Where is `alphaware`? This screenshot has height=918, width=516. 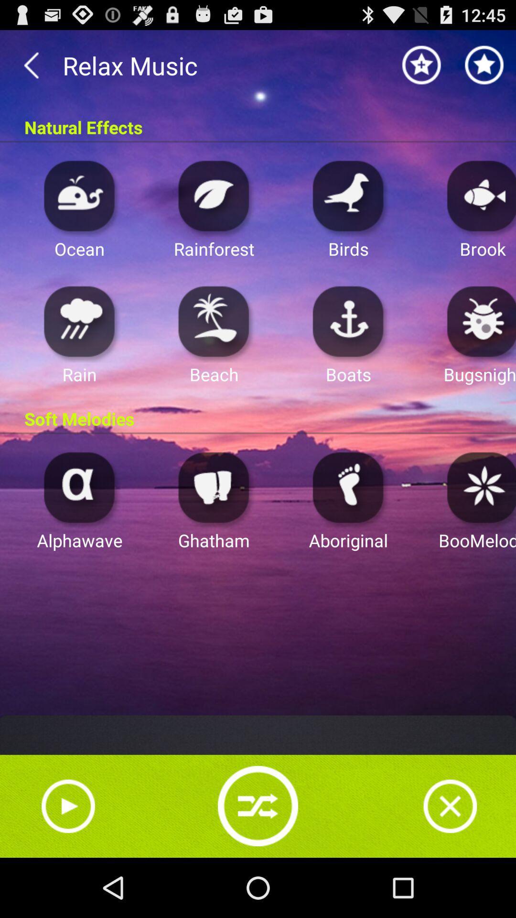 alphaware is located at coordinates (79, 487).